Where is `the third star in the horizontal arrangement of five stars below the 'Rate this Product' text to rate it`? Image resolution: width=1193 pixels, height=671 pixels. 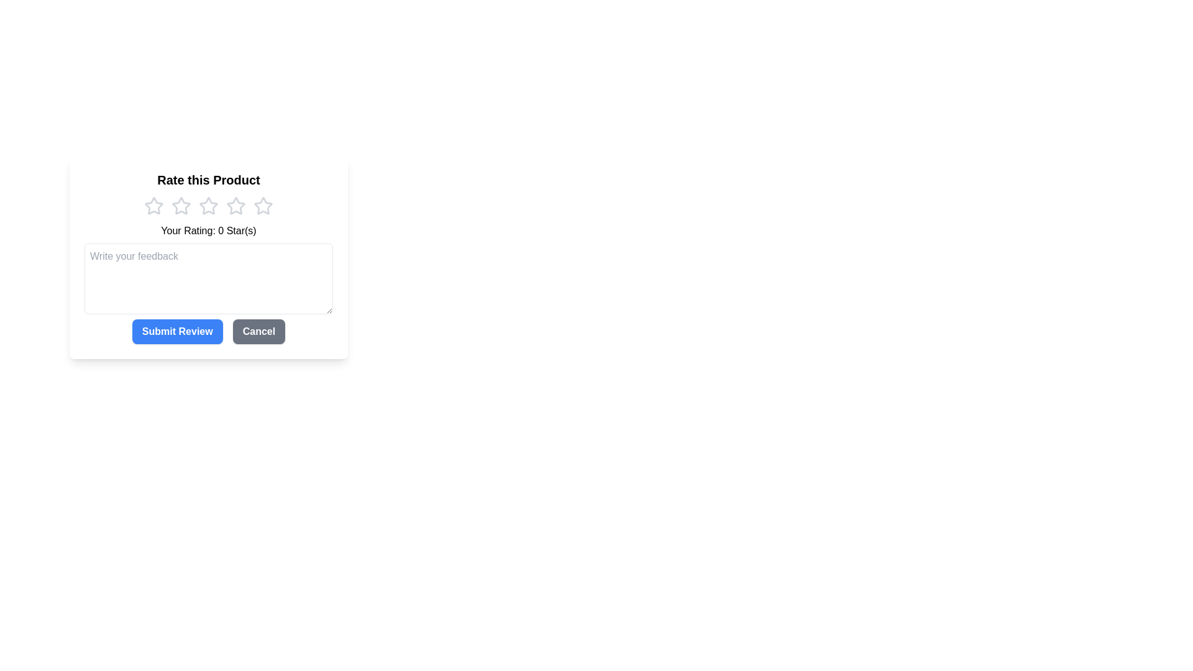 the third star in the horizontal arrangement of five stars below the 'Rate this Product' text to rate it is located at coordinates (209, 205).